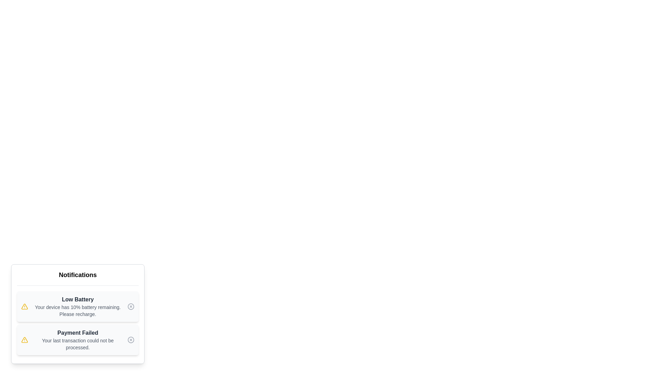  I want to click on the circular close button with an 'X' icon located at the far right of the 'Payment Failed' notification block, so click(131, 340).